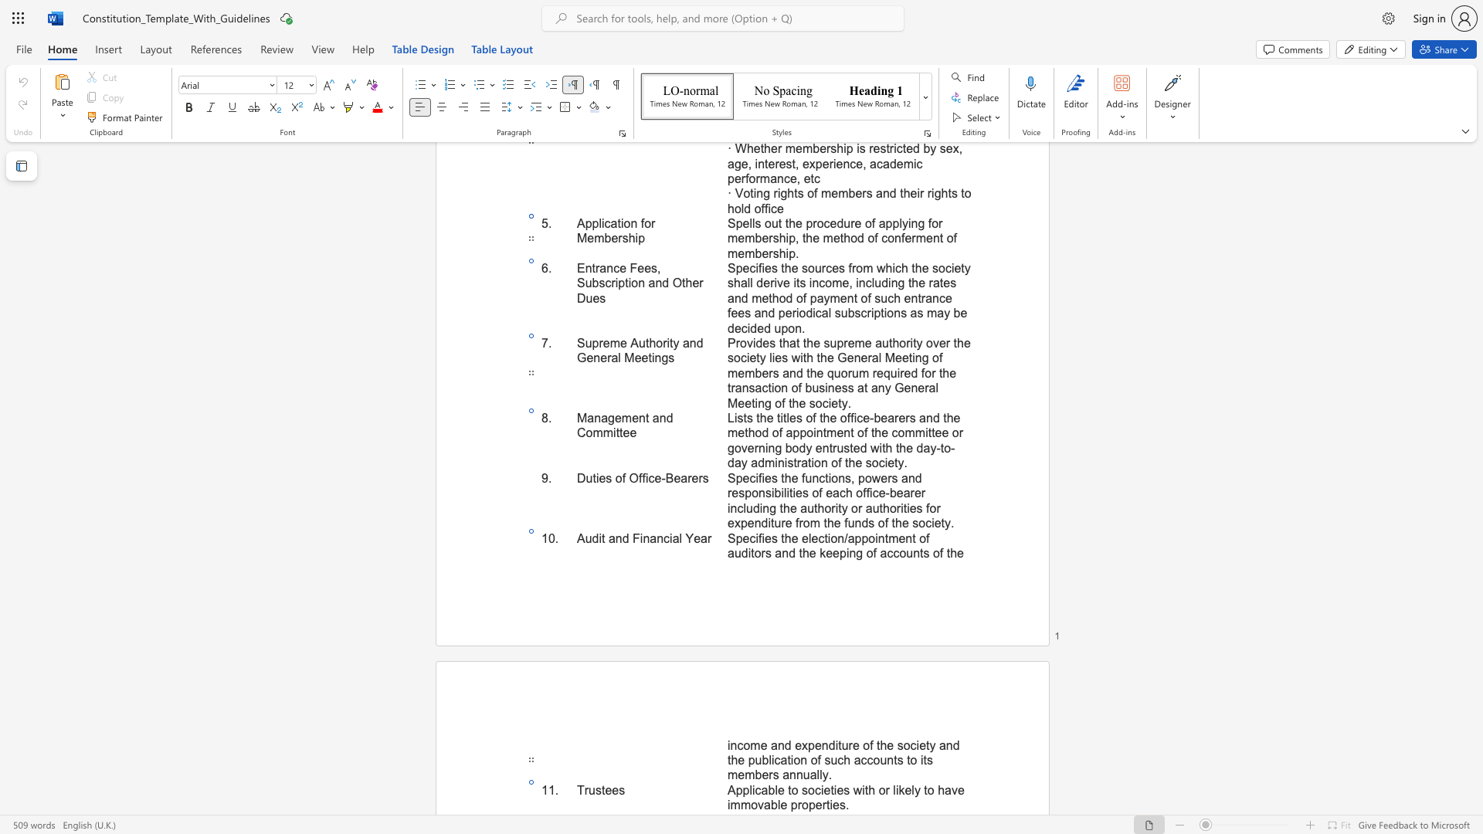  Describe the element at coordinates (641, 537) in the screenshot. I see `the 2th character "i" in the text` at that location.